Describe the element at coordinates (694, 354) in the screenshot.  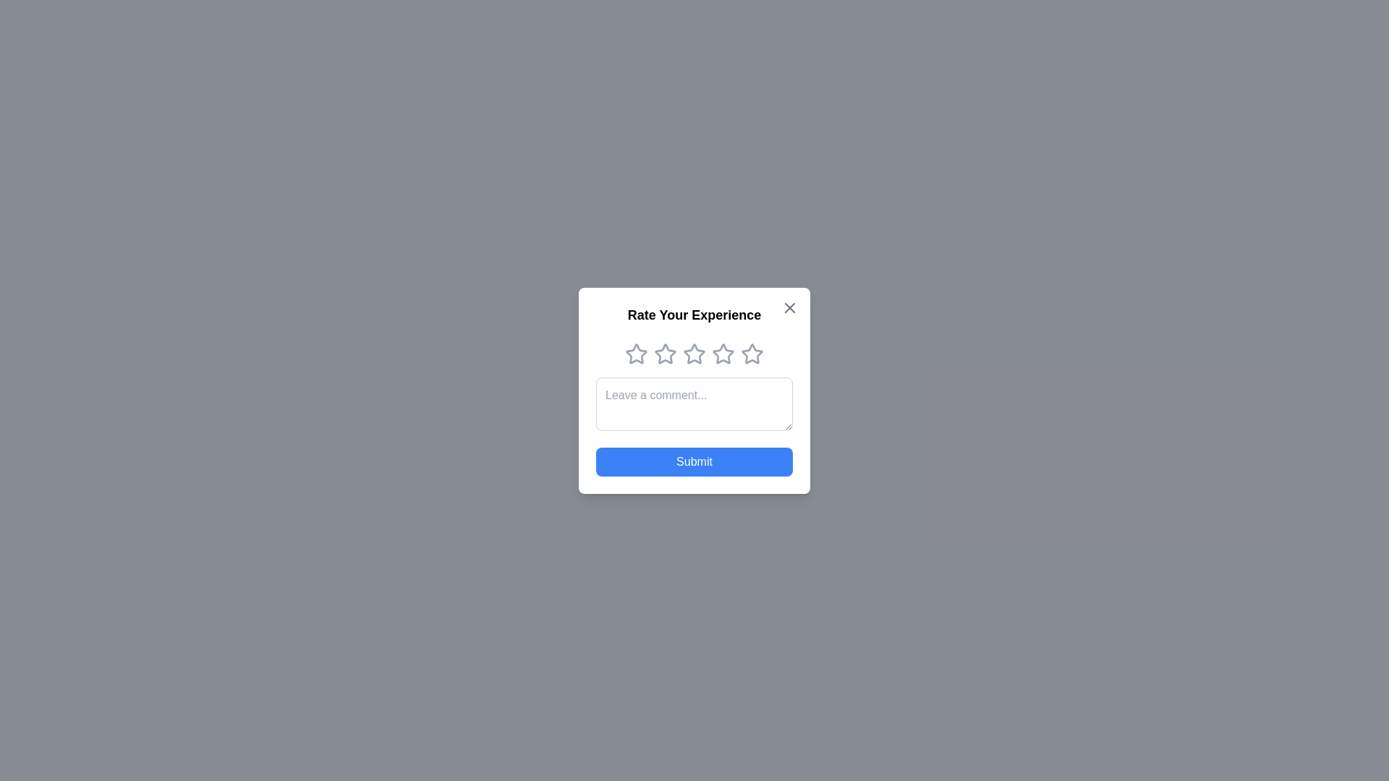
I see `the star corresponding to the rating 3` at that location.